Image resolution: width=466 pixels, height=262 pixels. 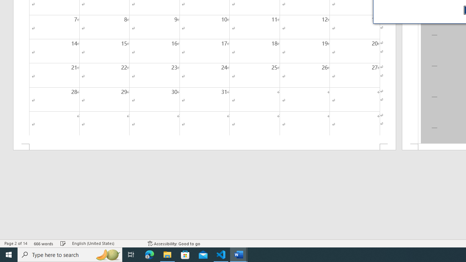 What do you see at coordinates (221, 254) in the screenshot?
I see `'Visual Studio Code - 1 running window'` at bounding box center [221, 254].